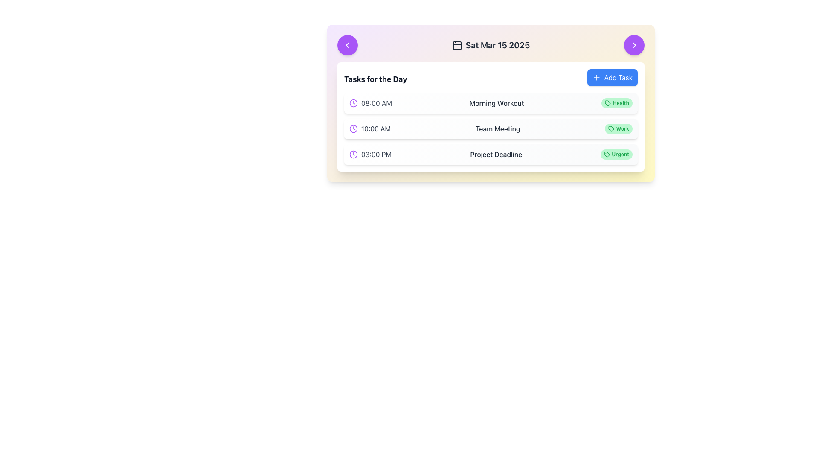 This screenshot has height=461, width=819. I want to click on time associated with the 'Morning Workout' task displayed in the text label at the top left corner of the task list, so click(370, 103).